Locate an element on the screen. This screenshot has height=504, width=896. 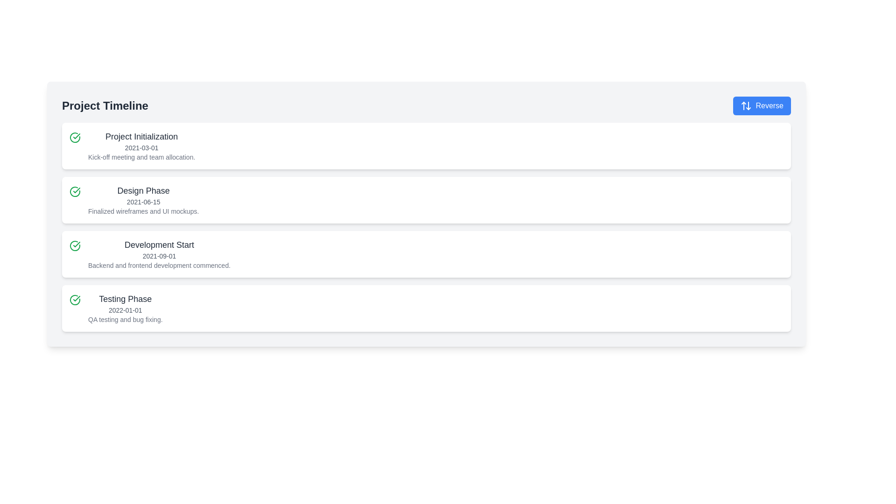
text content of the title label for the first timeline entry, which provides the name or phase of a project stage is located at coordinates (141, 137).